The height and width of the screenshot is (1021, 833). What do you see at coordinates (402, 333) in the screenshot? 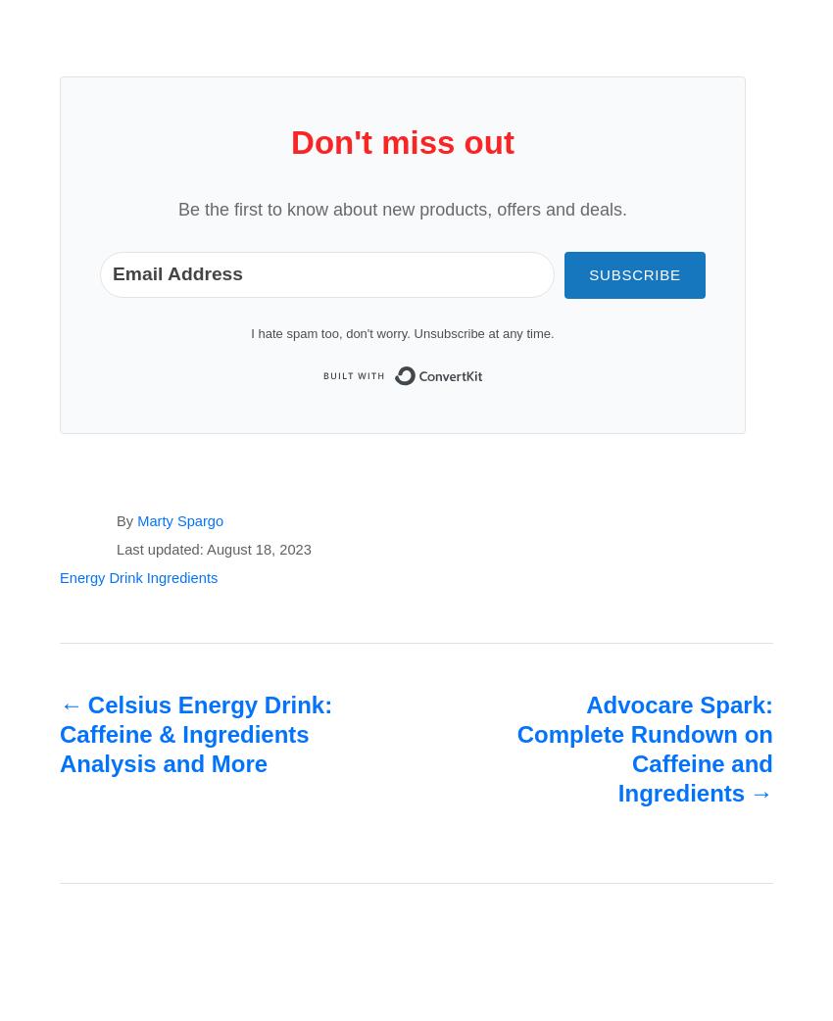
I see `'I hate spam too, don't worry. Unsubscribe at any time.'` at bounding box center [402, 333].